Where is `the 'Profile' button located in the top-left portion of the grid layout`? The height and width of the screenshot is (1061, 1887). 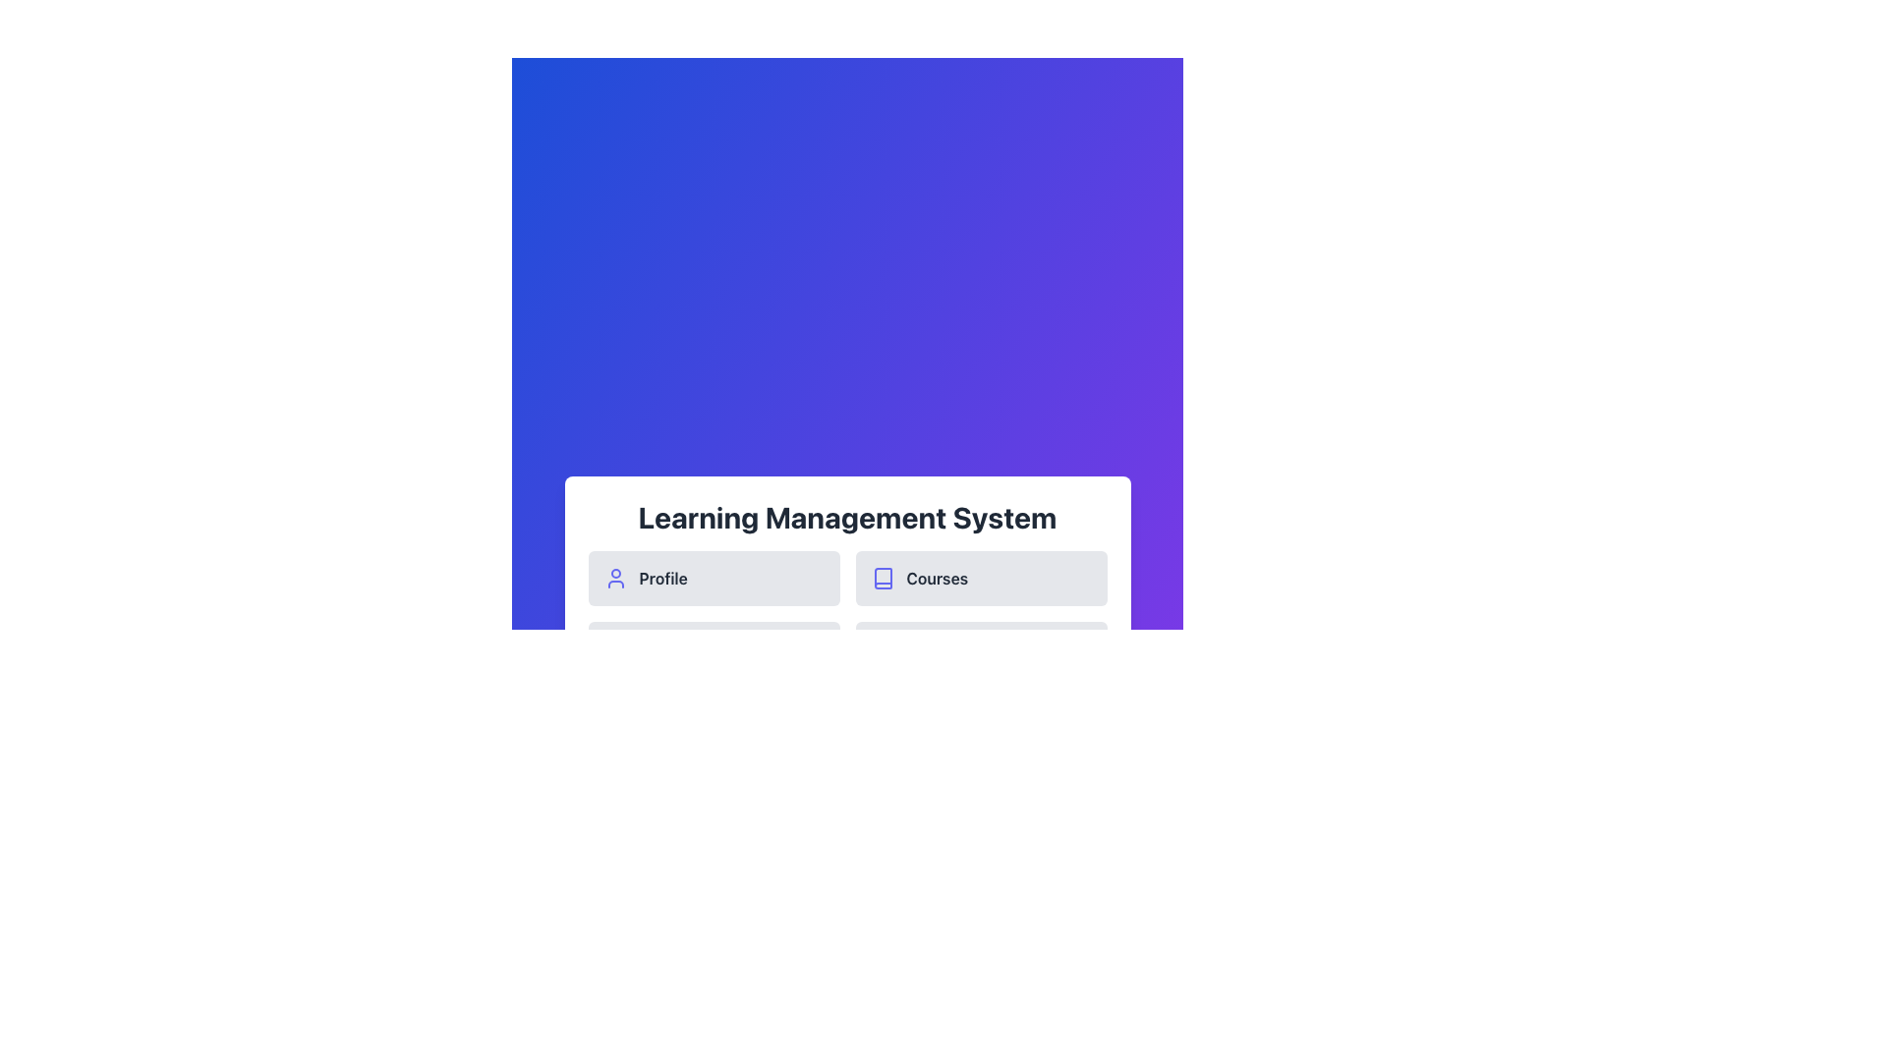 the 'Profile' button located in the top-left portion of the grid layout is located at coordinates (713, 578).